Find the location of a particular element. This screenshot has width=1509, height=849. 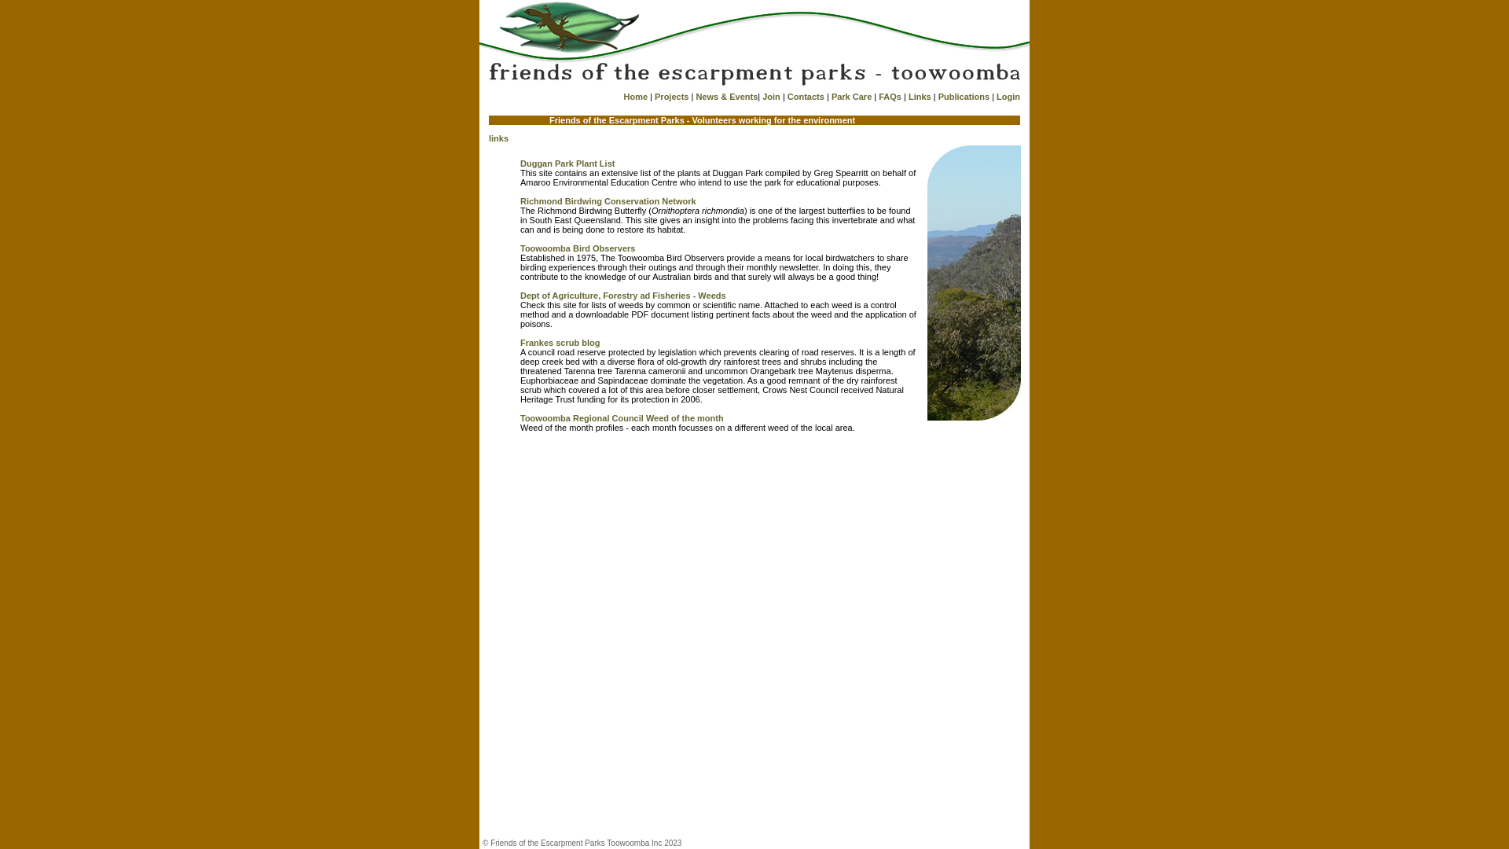

'Login' is located at coordinates (1008, 96).